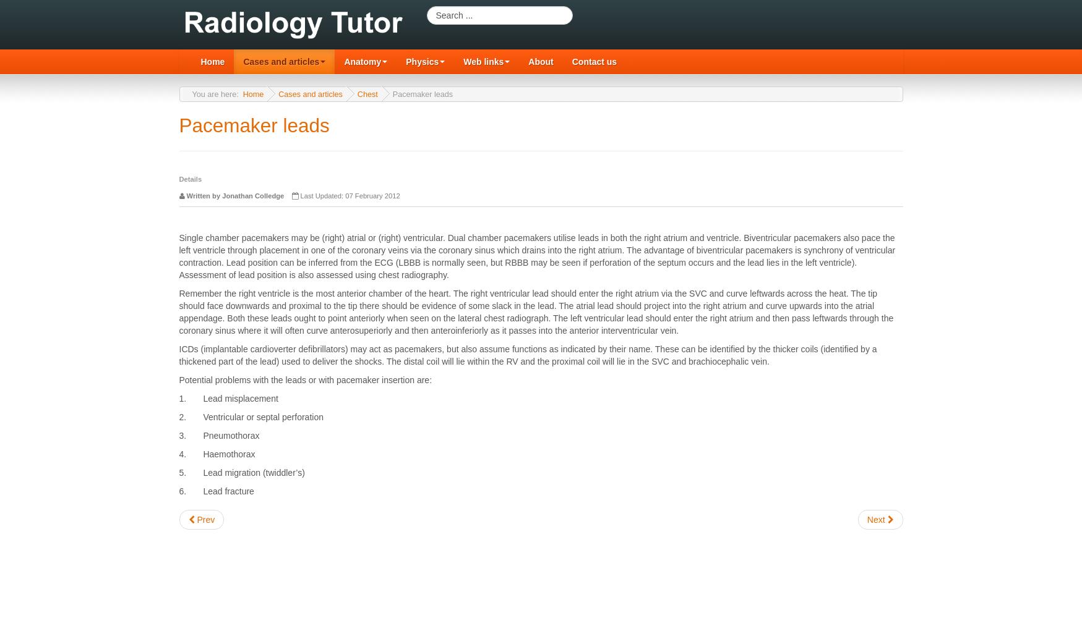 This screenshot has height=618, width=1082. Describe the element at coordinates (310, 94) in the screenshot. I see `'Cases and articles'` at that location.